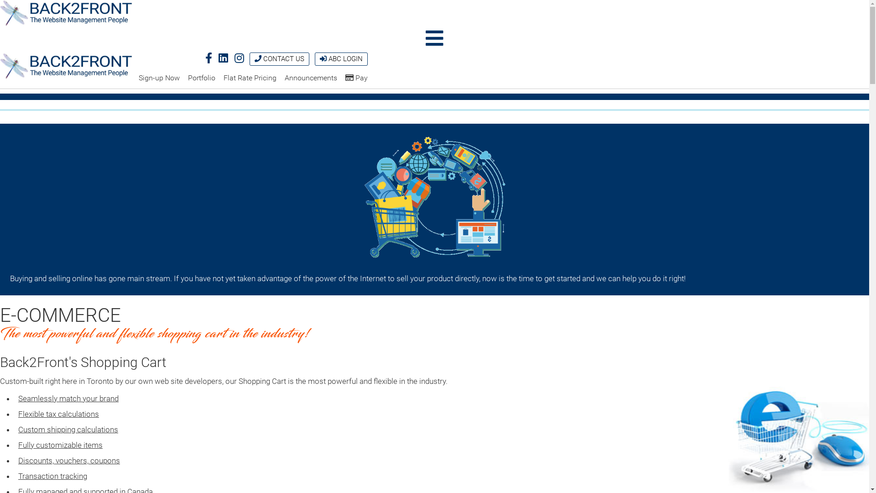 The height and width of the screenshot is (493, 876). Describe the element at coordinates (58, 414) in the screenshot. I see `'Flexible tax calculations'` at that location.